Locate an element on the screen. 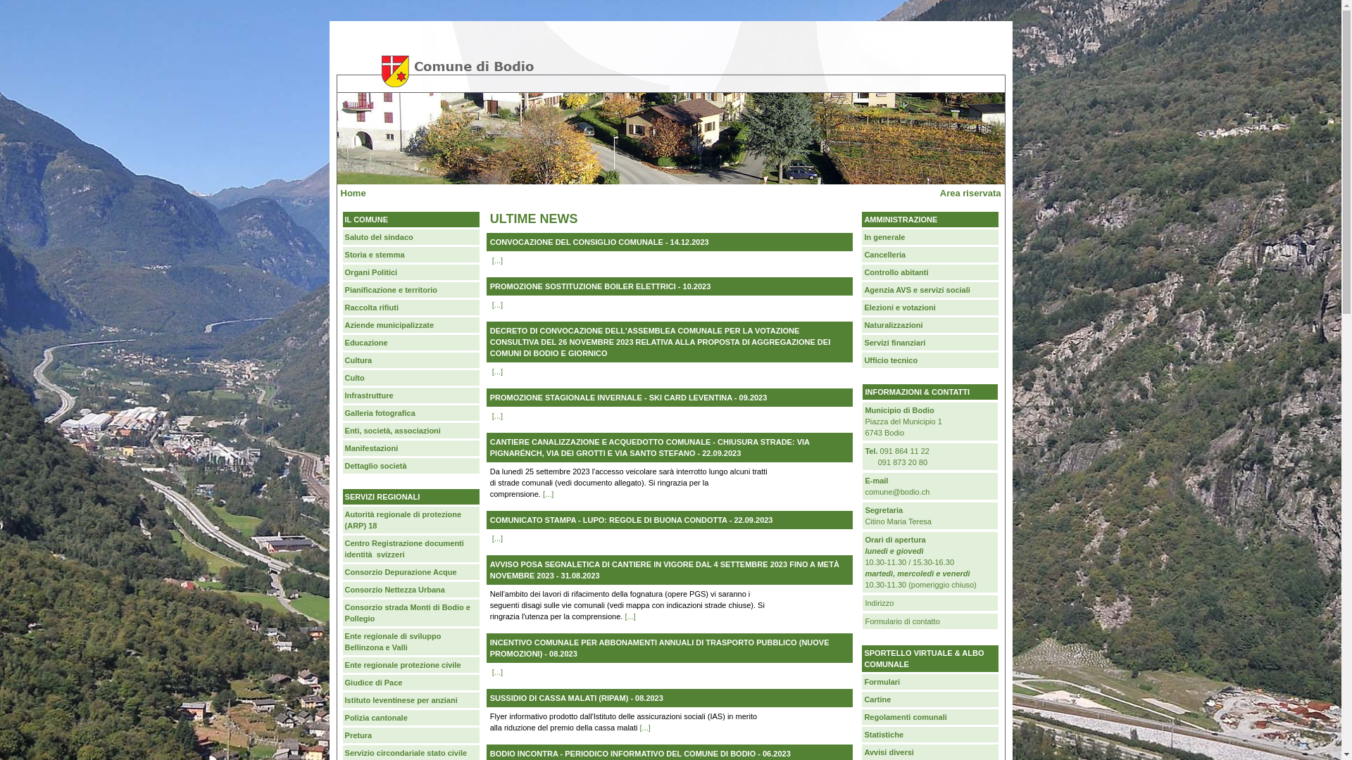  'Consorzio Nettezza Urbana' is located at coordinates (411, 589).